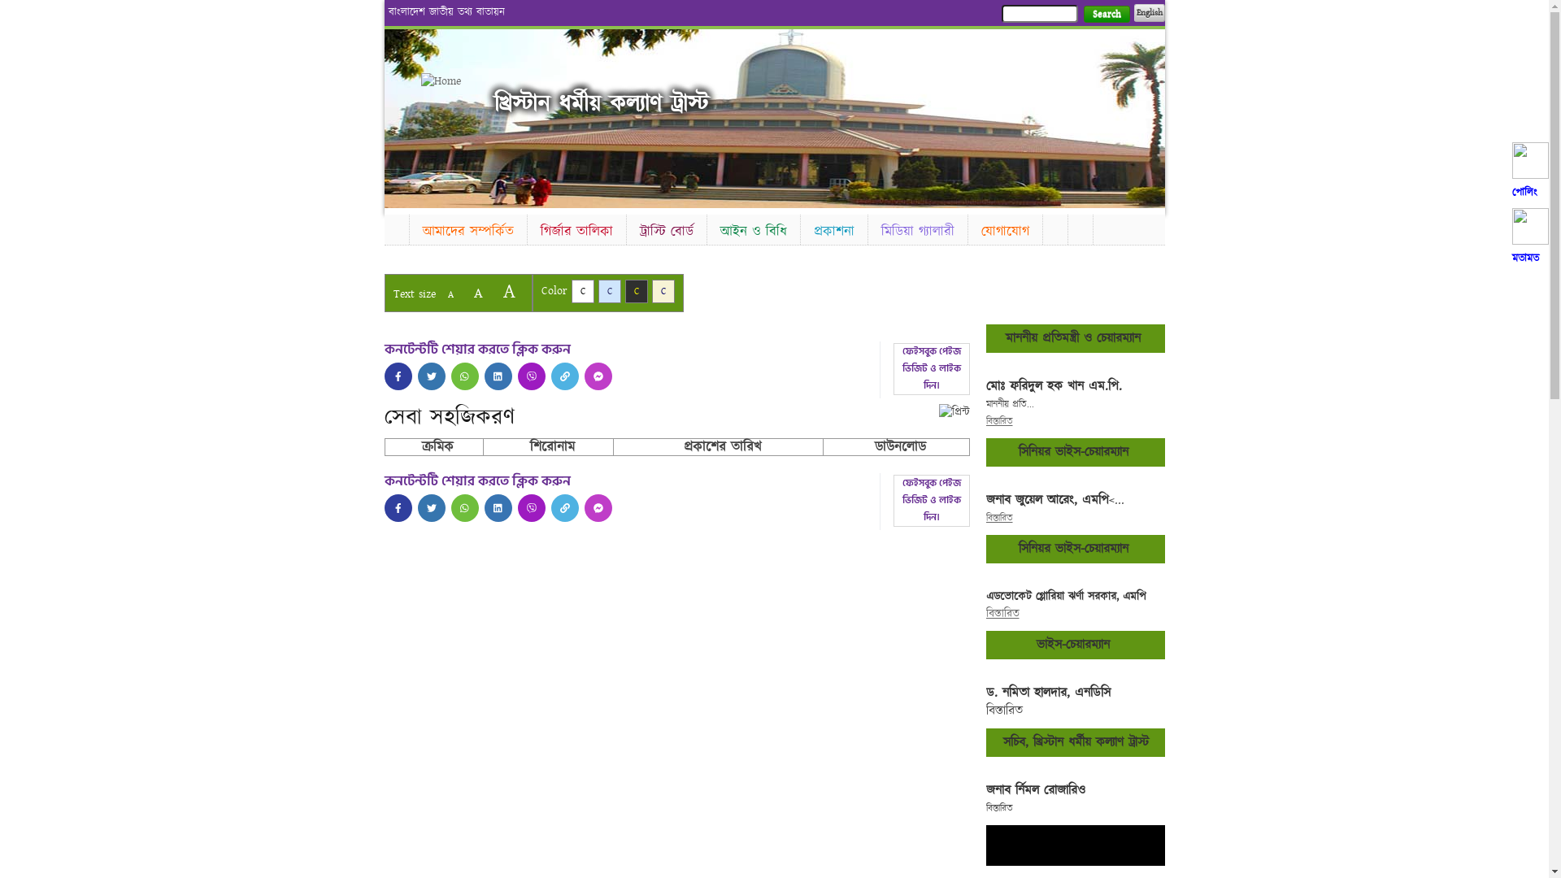 The height and width of the screenshot is (878, 1561). What do you see at coordinates (581, 290) in the screenshot?
I see `'C'` at bounding box center [581, 290].